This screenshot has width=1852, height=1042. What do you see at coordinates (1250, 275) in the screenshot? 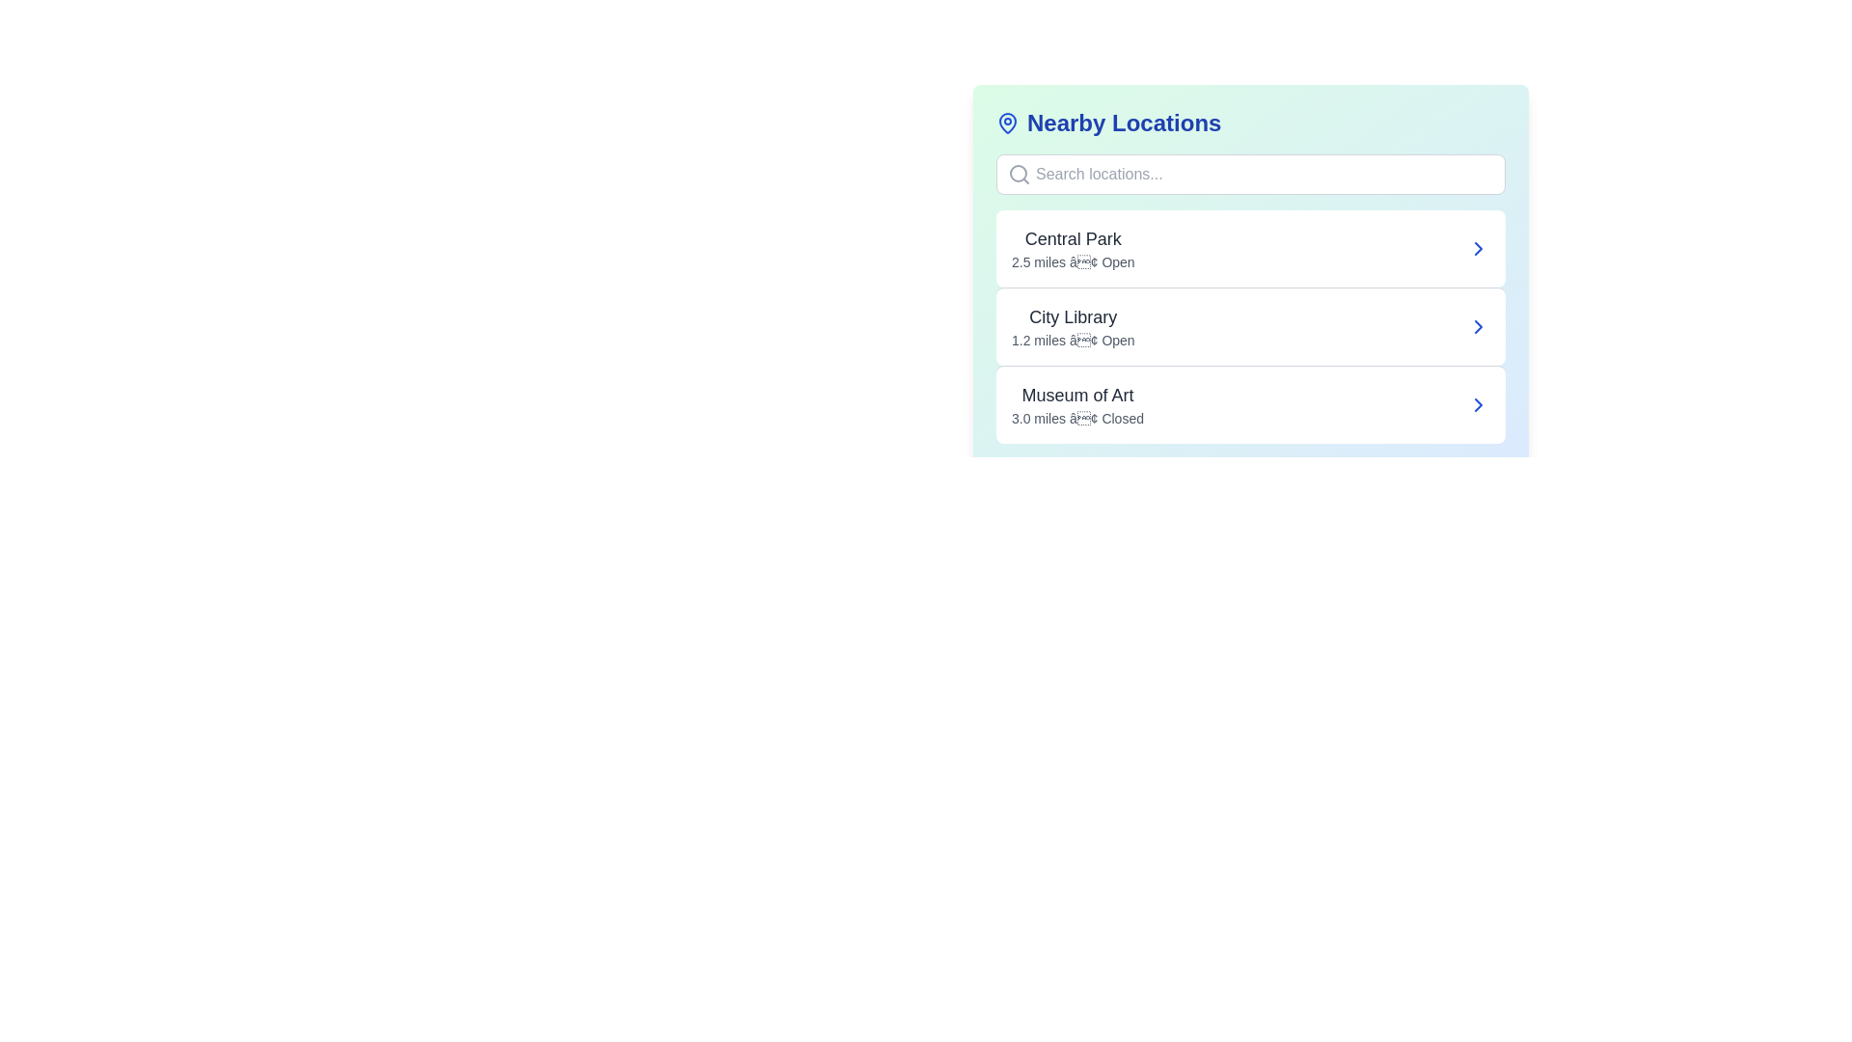
I see `the individual location entry in the 'Nearby Locations' scrollable list` at bounding box center [1250, 275].